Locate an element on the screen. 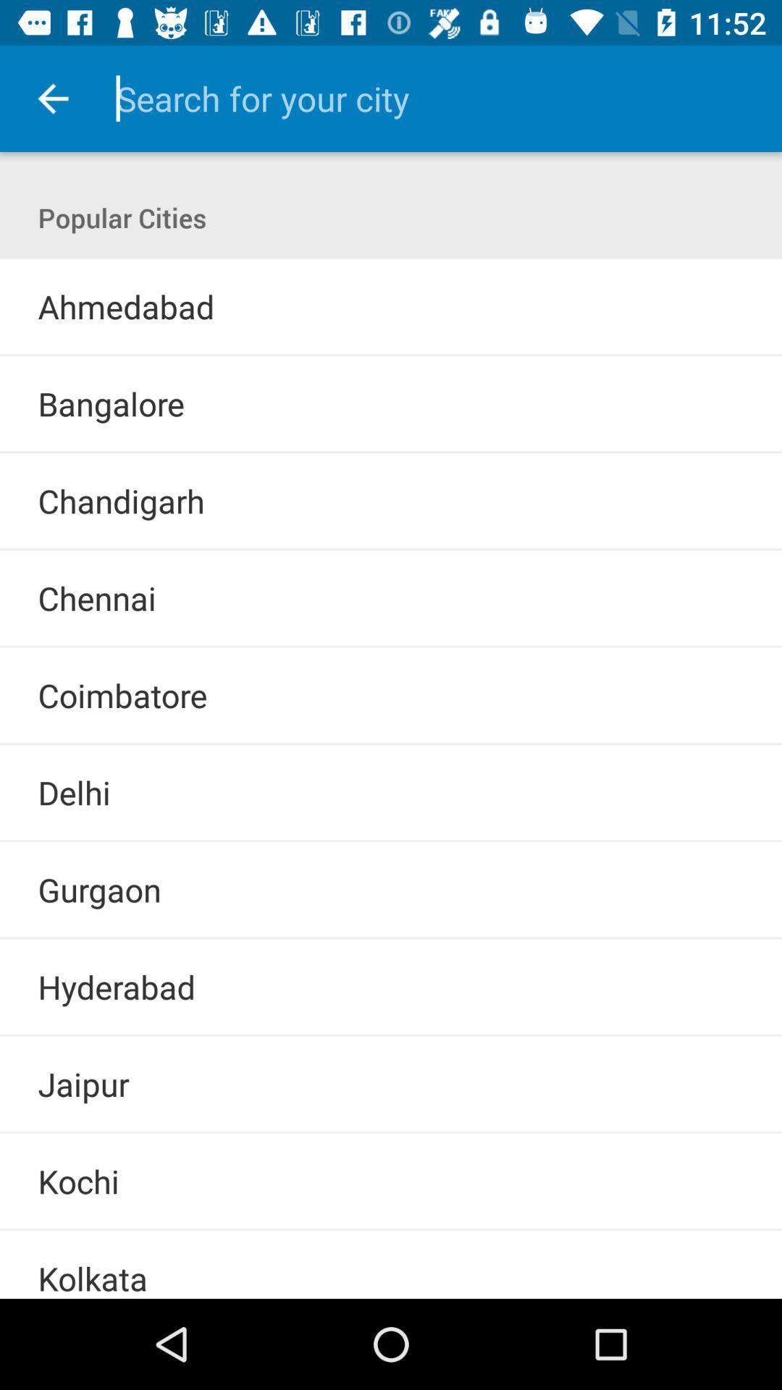 This screenshot has height=1390, width=782. the item above the hyderabad is located at coordinates (391, 938).